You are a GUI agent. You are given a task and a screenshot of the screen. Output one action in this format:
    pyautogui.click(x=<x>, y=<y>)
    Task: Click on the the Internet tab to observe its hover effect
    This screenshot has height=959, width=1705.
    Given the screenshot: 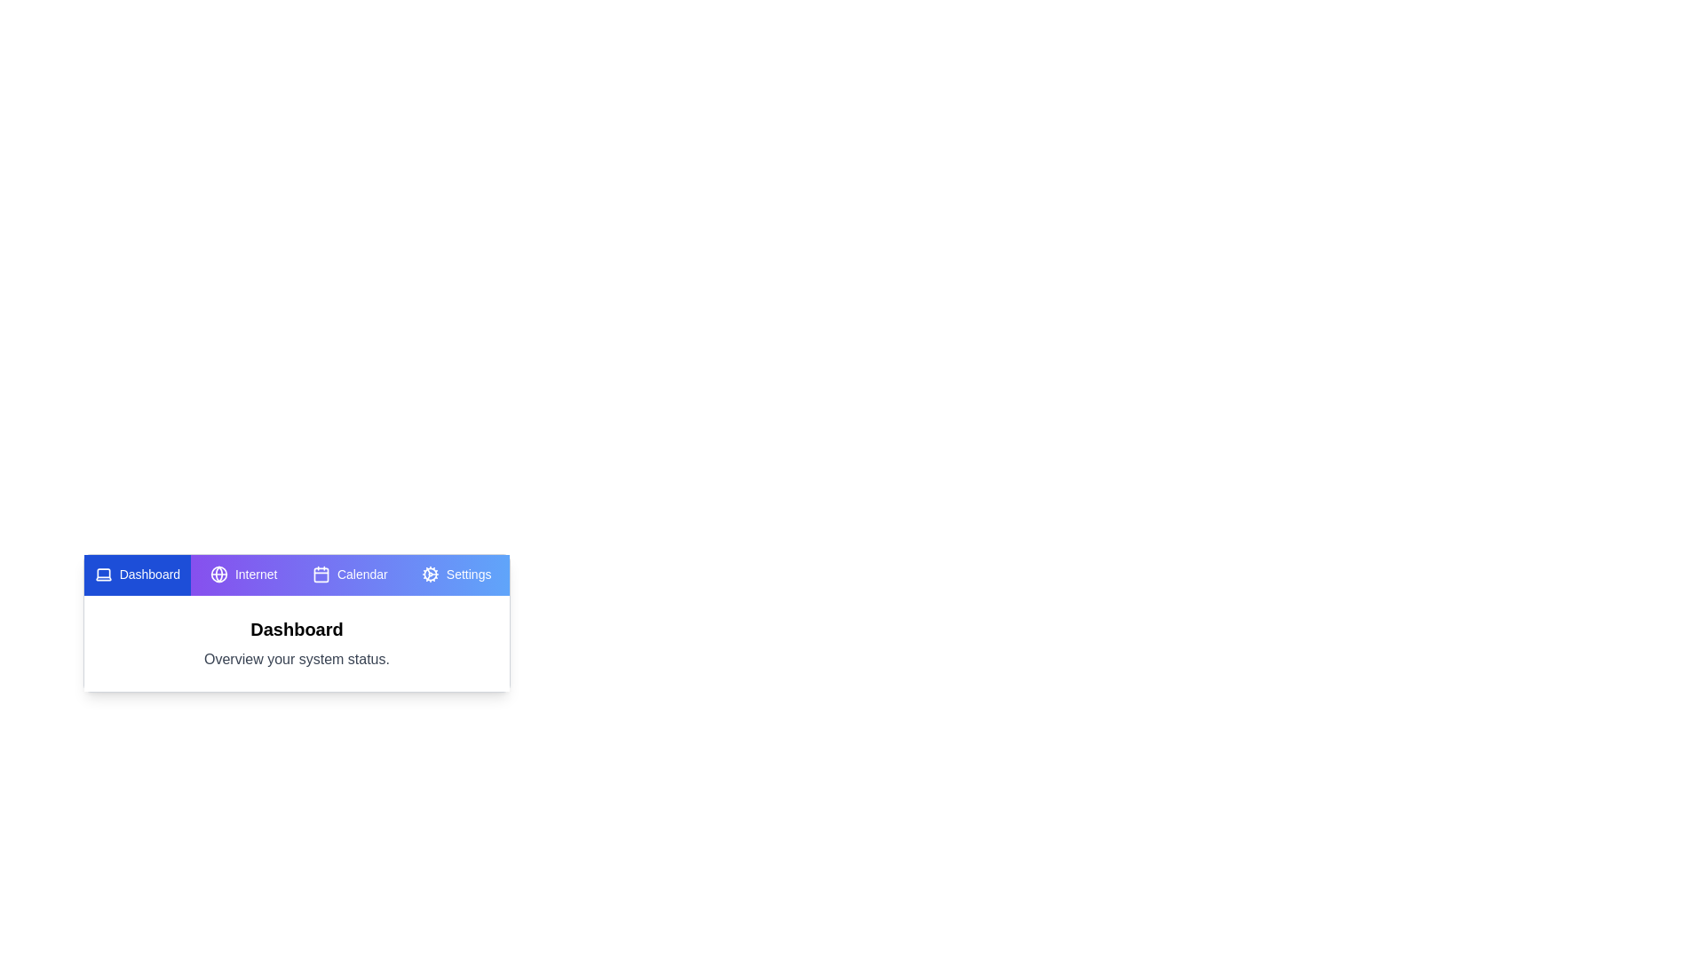 What is the action you would take?
    pyautogui.click(x=242, y=575)
    